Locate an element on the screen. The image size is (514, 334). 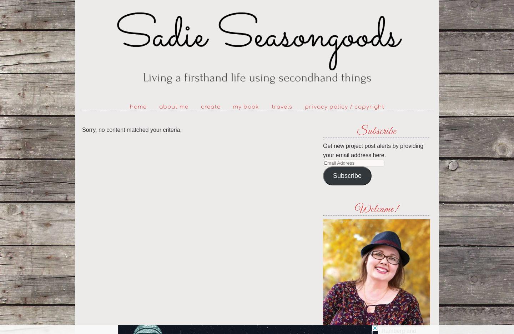
'My Book' is located at coordinates (246, 107).